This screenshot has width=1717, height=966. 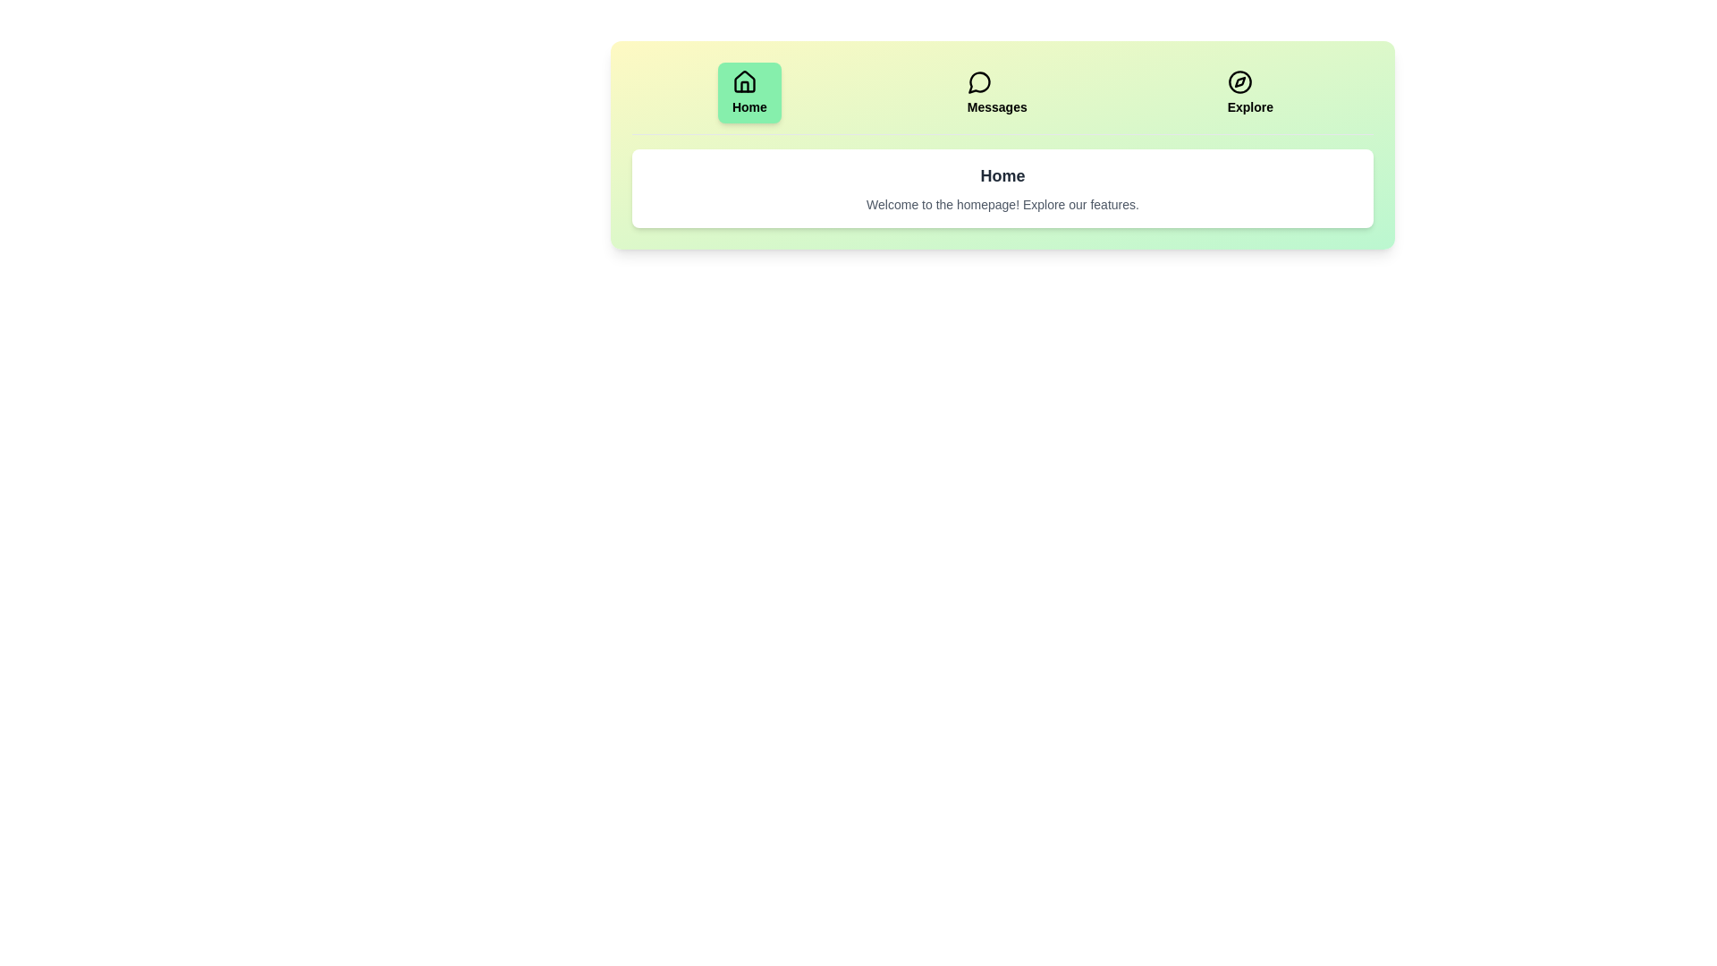 I want to click on the Home tab, so click(x=749, y=93).